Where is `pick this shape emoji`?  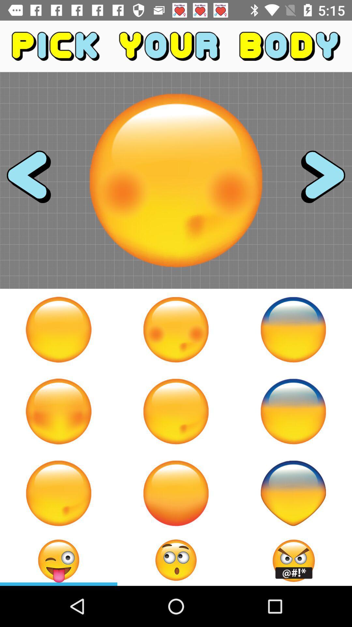
pick this shape emoji is located at coordinates (293, 493).